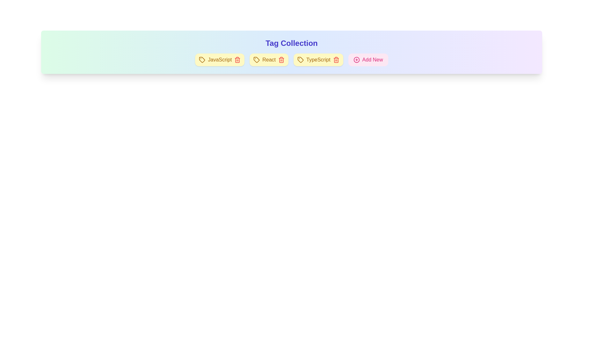  I want to click on text label indicating the 'JavaScript' tag, which is the first tag in a horizontal list of tags under the heading 'Tag Collection.', so click(220, 60).